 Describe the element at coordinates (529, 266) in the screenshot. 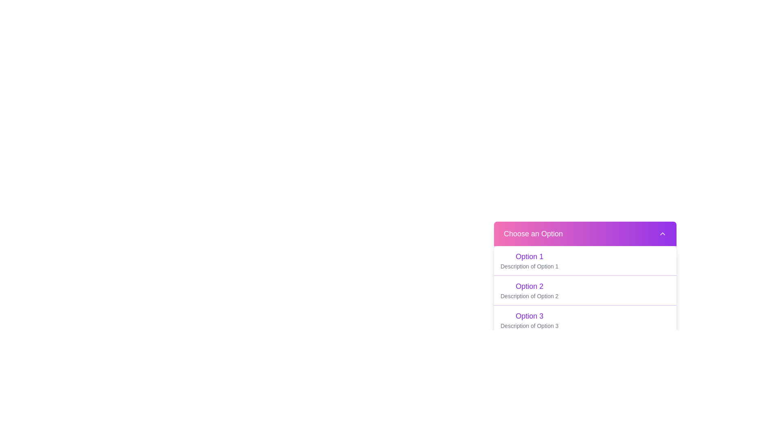

I see `the text display providing additional descriptive information for 'Option 1' located under the dropdown menu labeled 'Choose an Option'` at that location.